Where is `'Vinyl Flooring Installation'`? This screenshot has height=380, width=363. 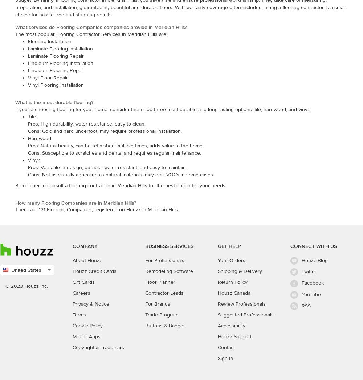 'Vinyl Flooring Installation' is located at coordinates (56, 84).